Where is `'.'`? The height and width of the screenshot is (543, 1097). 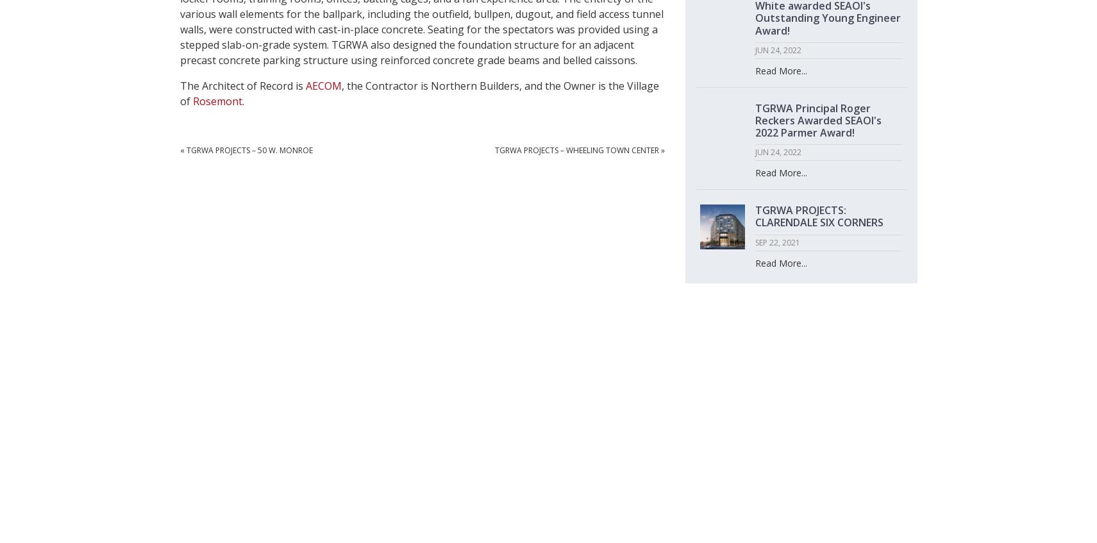
'.' is located at coordinates (242, 100).